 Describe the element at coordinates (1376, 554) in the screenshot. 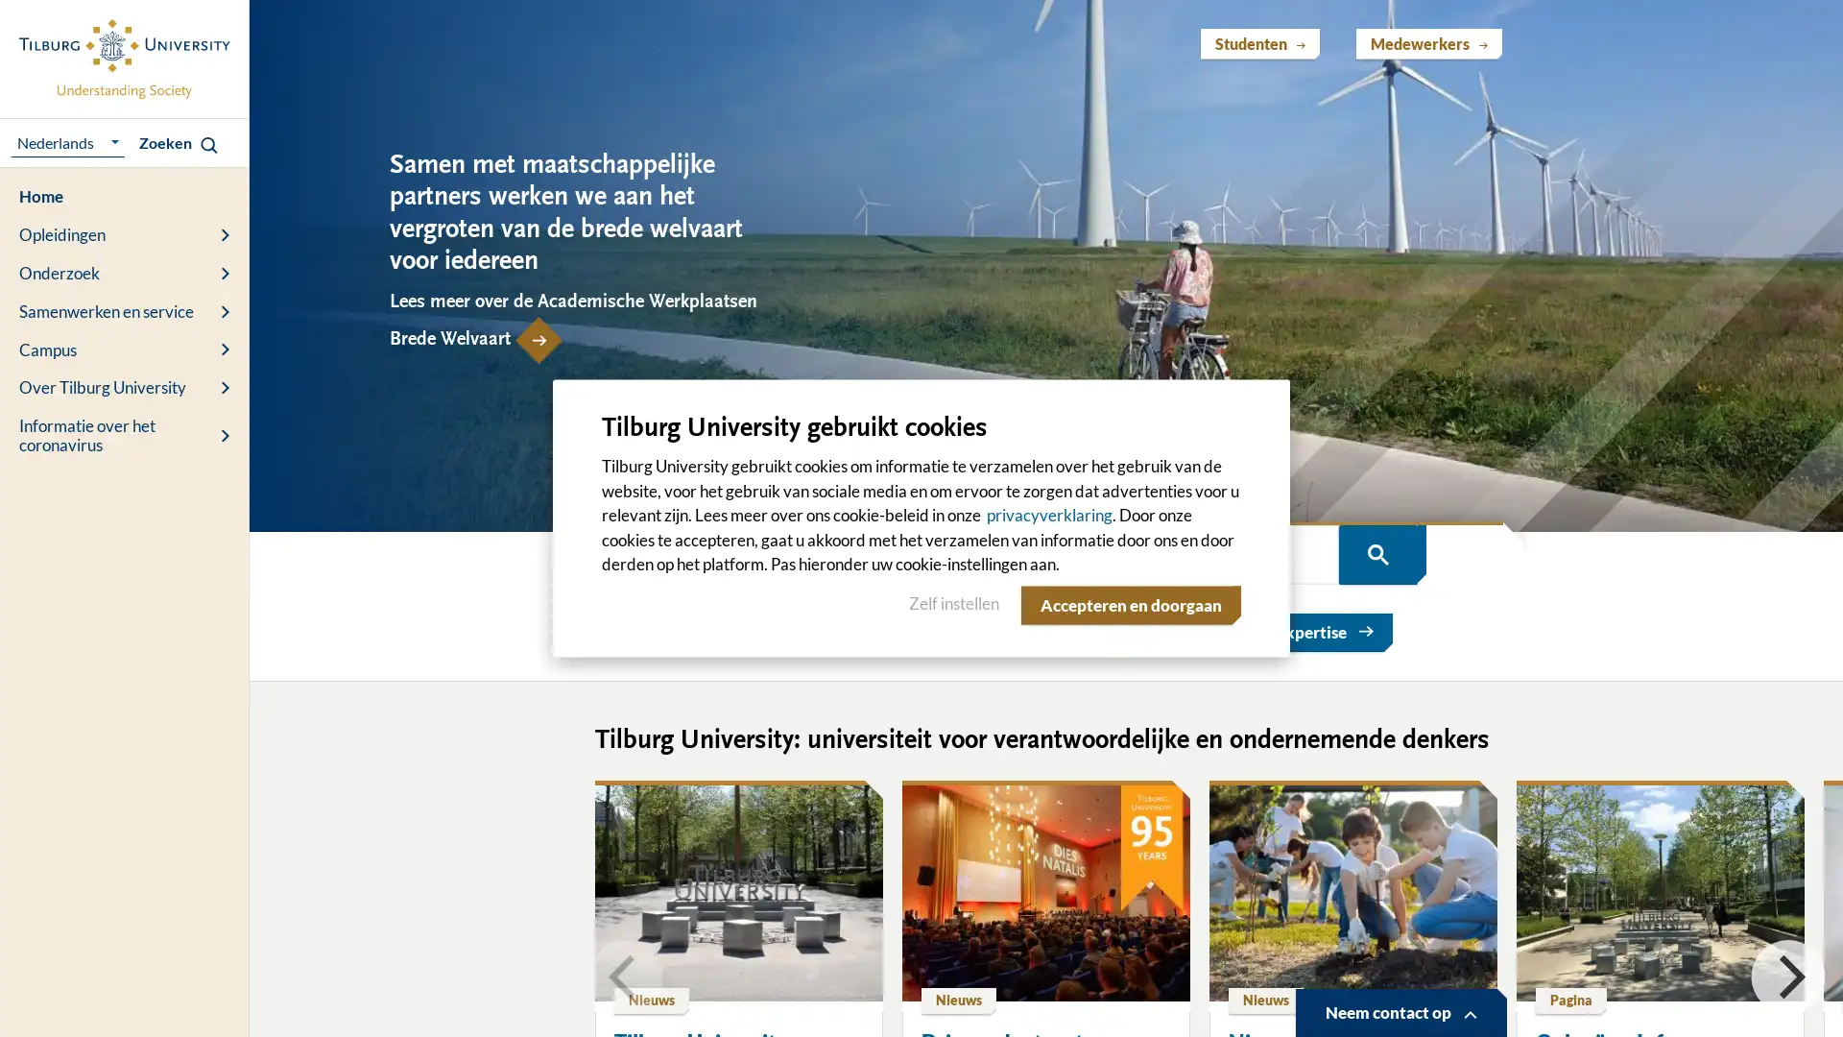

I see `search` at that location.